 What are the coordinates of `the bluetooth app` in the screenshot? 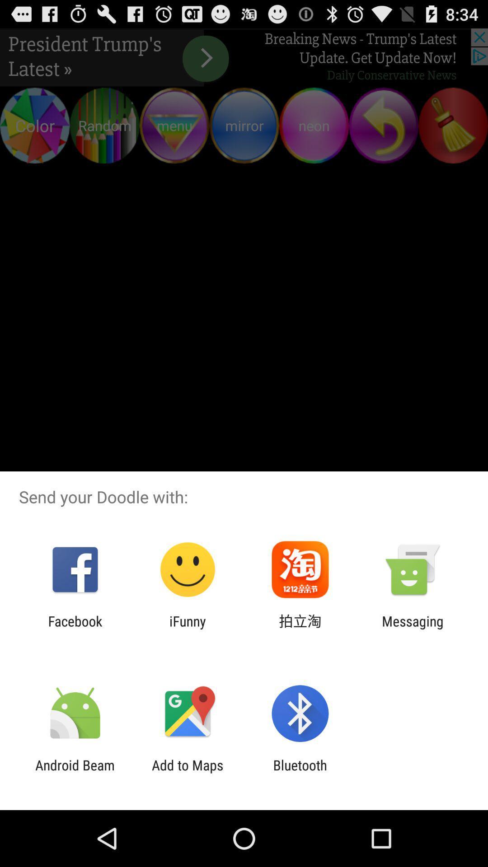 It's located at (300, 773).